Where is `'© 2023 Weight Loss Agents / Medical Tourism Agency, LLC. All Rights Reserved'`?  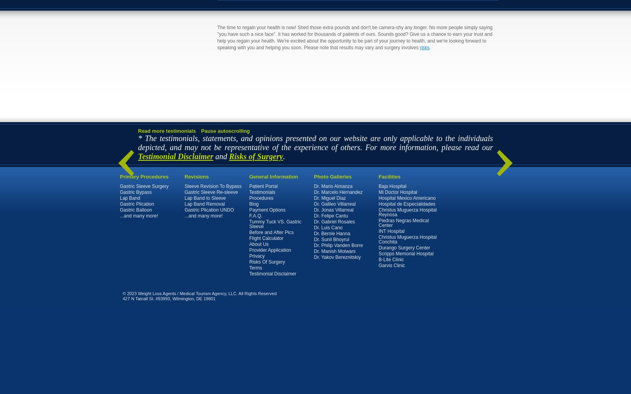
'© 2023 Weight Loss Agents / Medical Tourism Agency, LLC. All Rights Reserved' is located at coordinates (199, 293).